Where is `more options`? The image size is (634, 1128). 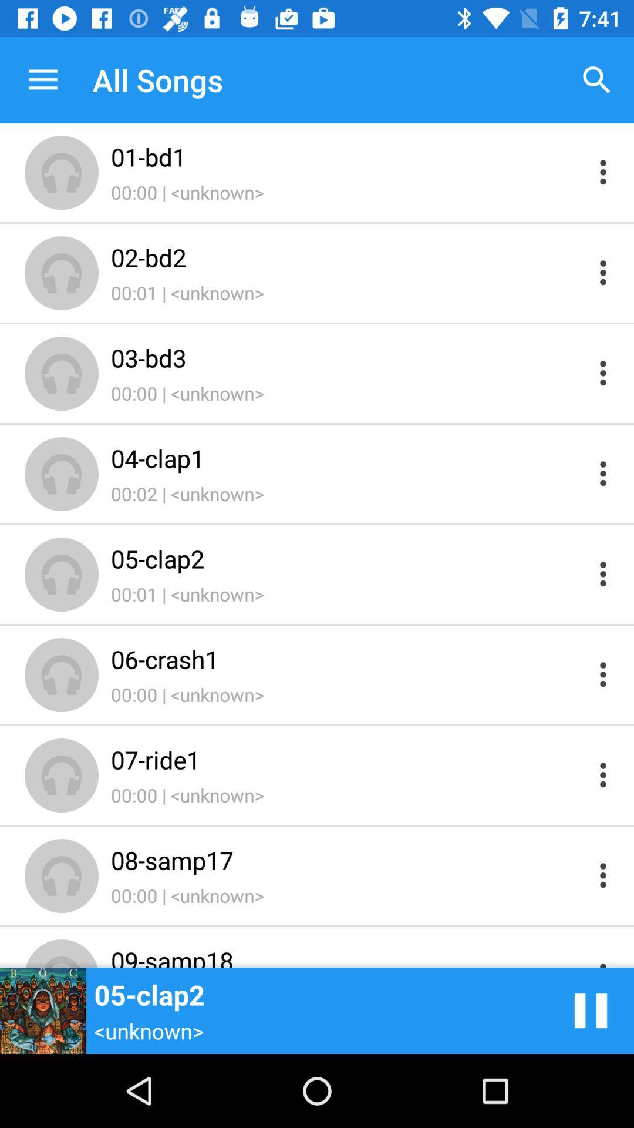 more options is located at coordinates (603, 775).